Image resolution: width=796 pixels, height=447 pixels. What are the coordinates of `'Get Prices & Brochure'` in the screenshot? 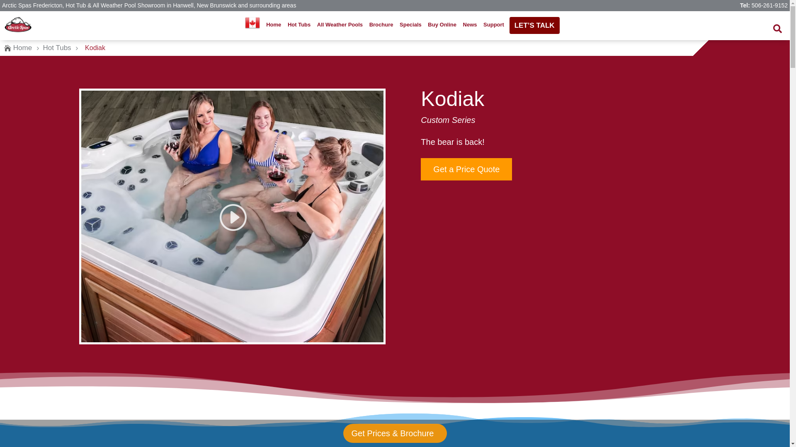 It's located at (394, 433).